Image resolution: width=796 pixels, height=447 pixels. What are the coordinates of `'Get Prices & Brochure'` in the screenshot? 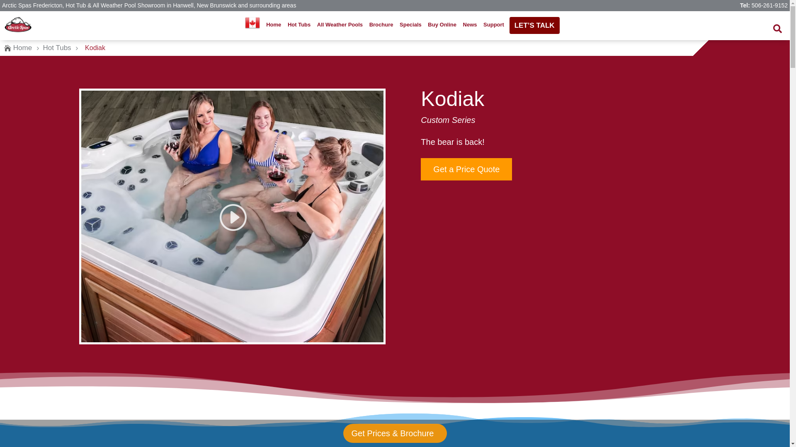 It's located at (394, 433).